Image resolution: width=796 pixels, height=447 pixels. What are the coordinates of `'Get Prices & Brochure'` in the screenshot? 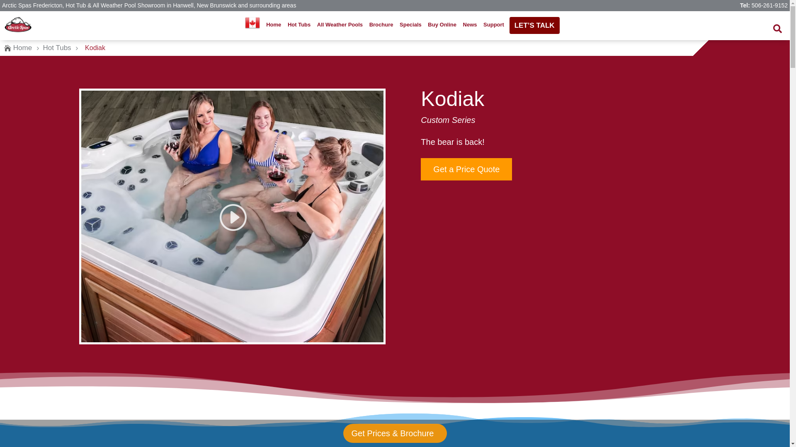 It's located at (394, 433).